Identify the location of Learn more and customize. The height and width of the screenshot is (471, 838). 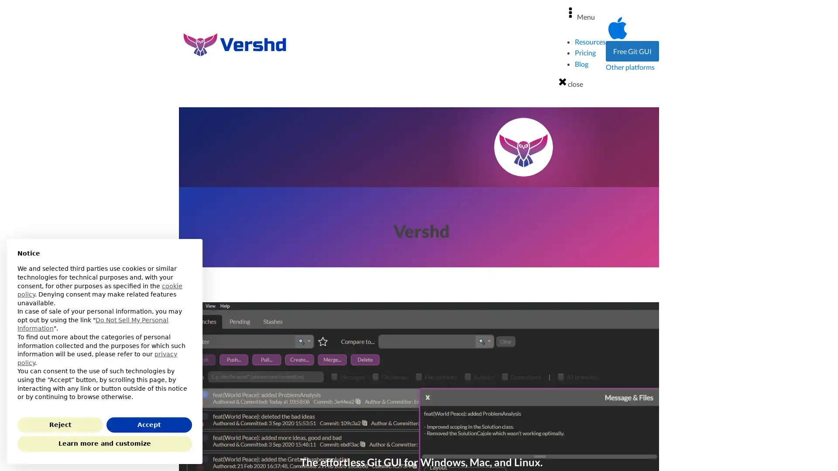
(105, 444).